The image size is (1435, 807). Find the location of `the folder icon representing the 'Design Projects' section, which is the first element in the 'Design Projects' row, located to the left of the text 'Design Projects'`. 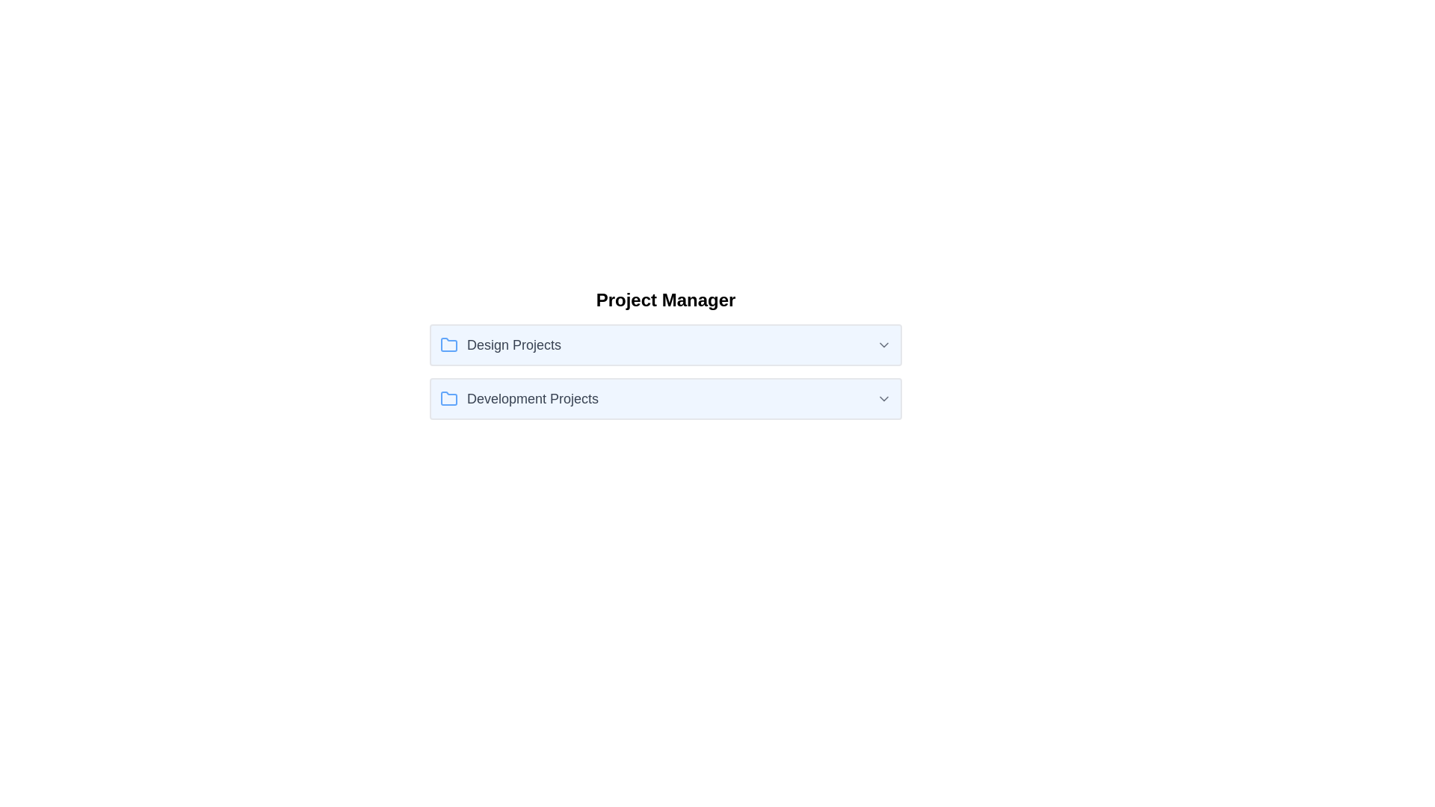

the folder icon representing the 'Design Projects' section, which is the first element in the 'Design Projects' row, located to the left of the text 'Design Projects' is located at coordinates (448, 345).